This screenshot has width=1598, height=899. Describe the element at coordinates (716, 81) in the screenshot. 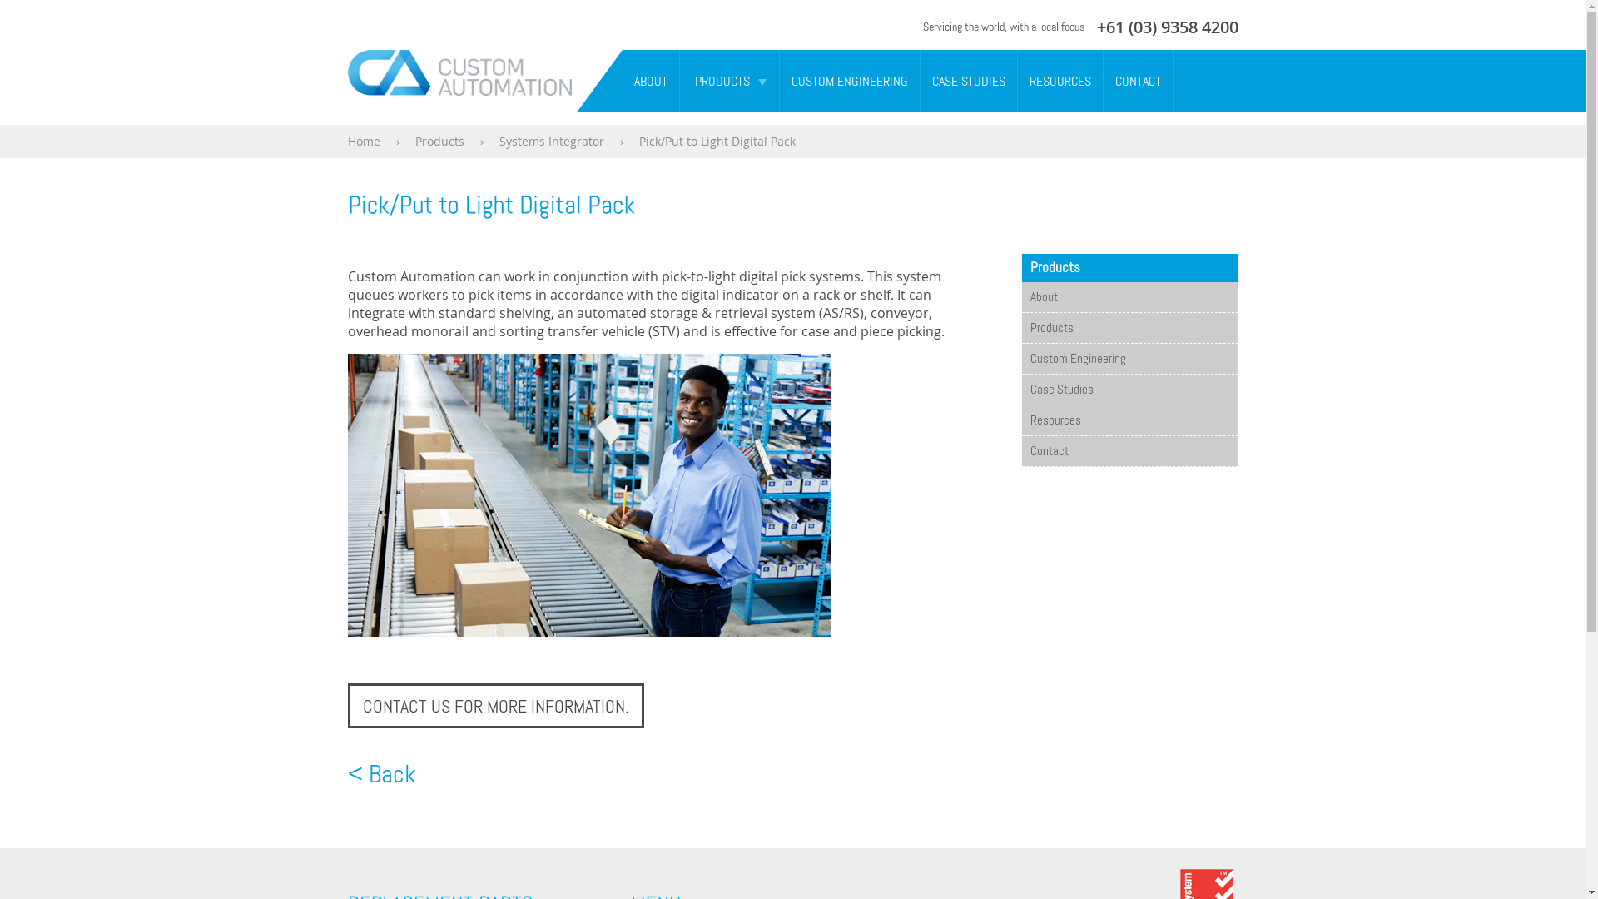

I see `'PRODUCTS'` at that location.